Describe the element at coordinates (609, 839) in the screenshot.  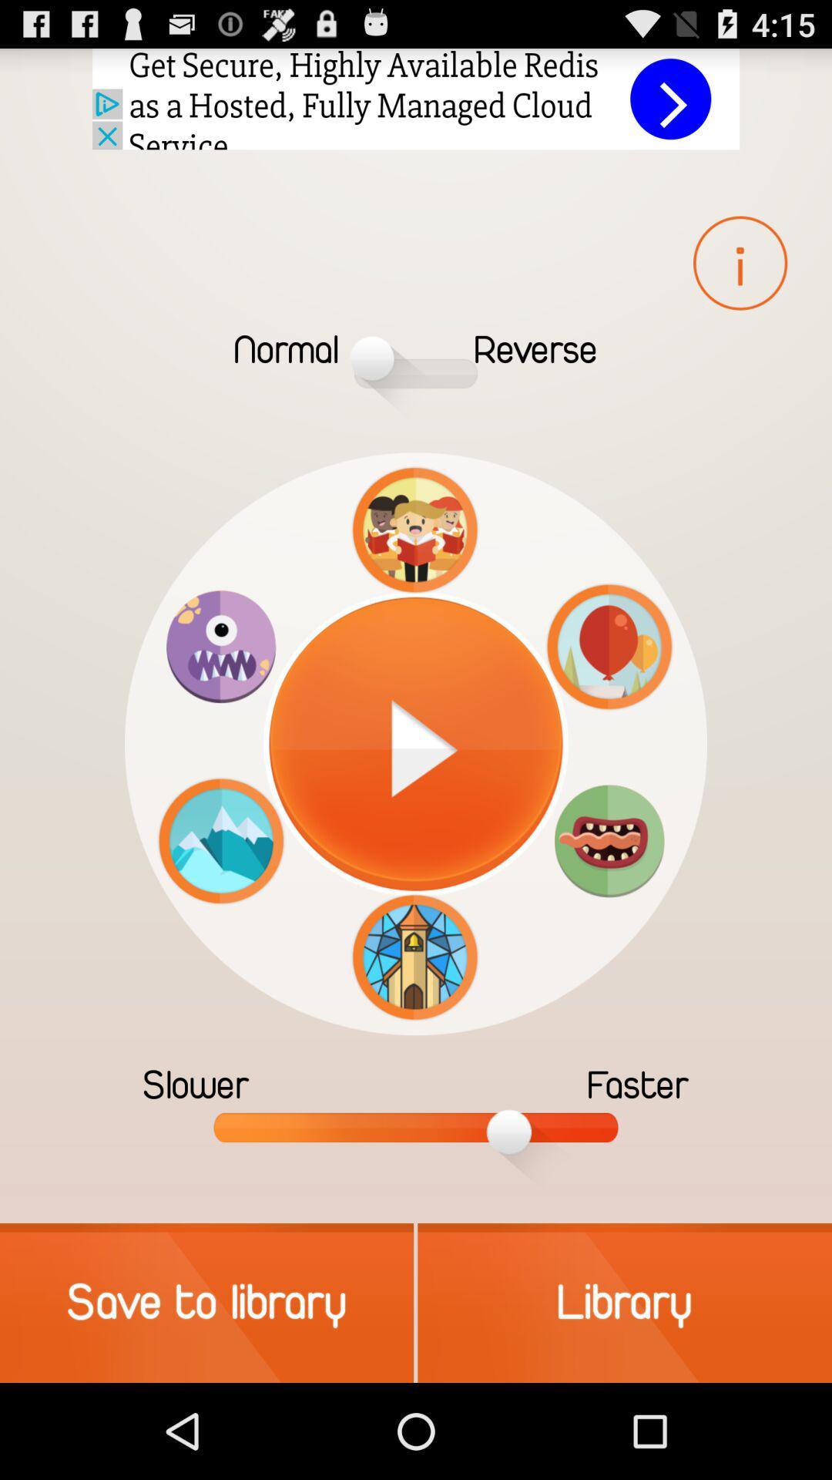
I see `the green icon on the wheel` at that location.